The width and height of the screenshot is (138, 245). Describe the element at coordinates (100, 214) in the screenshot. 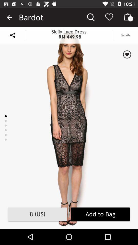

I see `the add to bag item` at that location.